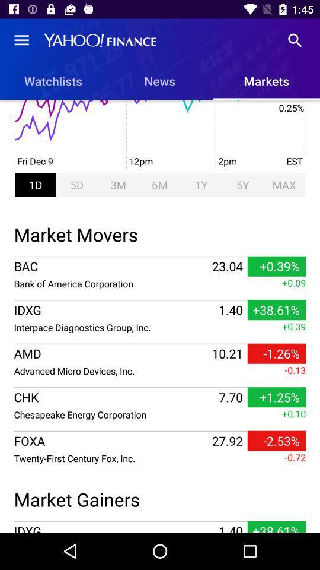 This screenshot has width=320, height=570. What do you see at coordinates (227, 266) in the screenshot?
I see `the item to the right of bac` at bounding box center [227, 266].